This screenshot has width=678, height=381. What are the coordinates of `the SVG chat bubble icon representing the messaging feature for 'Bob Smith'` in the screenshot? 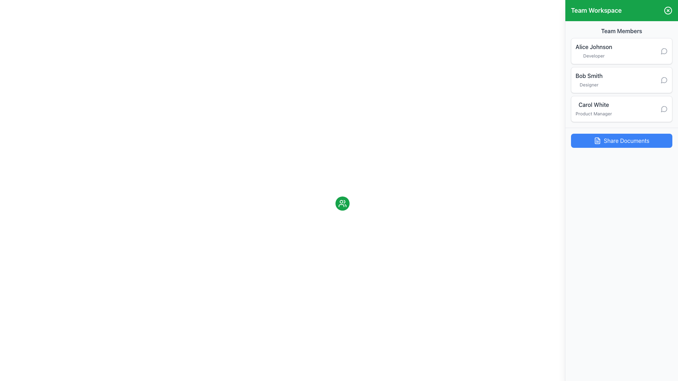 It's located at (664, 80).